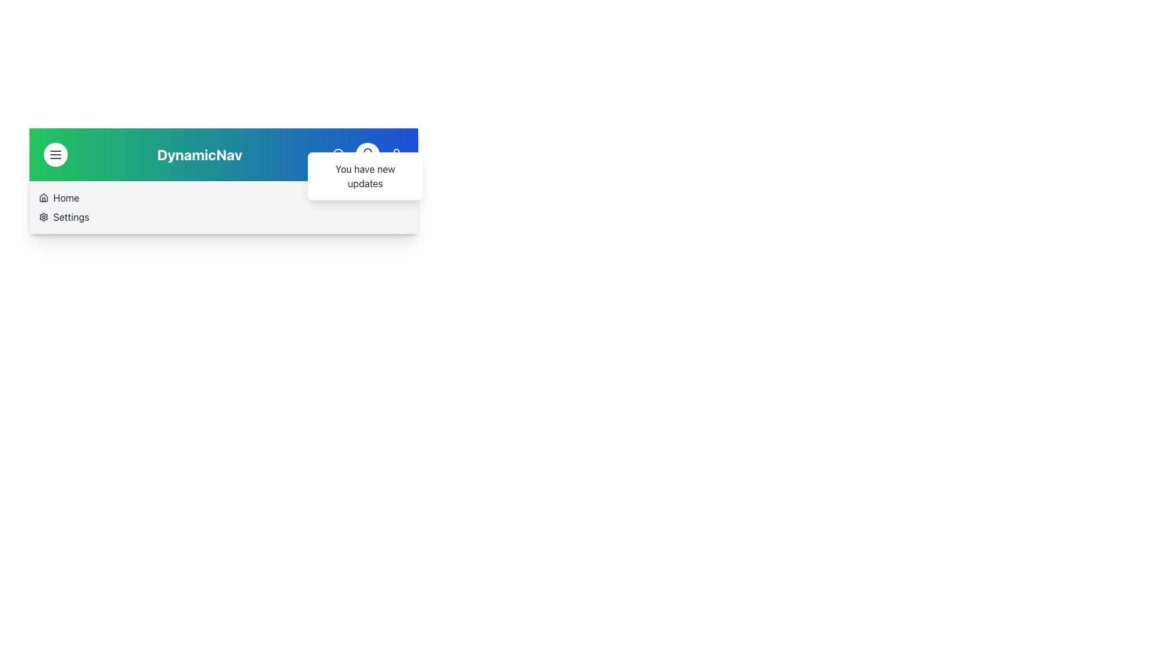  What do you see at coordinates (337, 154) in the screenshot?
I see `the inner circle of the search icon located at the top-right section of the interface` at bounding box center [337, 154].